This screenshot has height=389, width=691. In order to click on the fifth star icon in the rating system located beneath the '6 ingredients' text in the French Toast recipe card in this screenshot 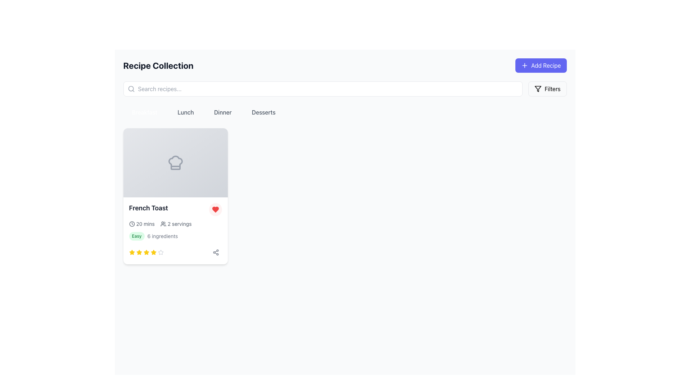, I will do `click(132, 252)`.